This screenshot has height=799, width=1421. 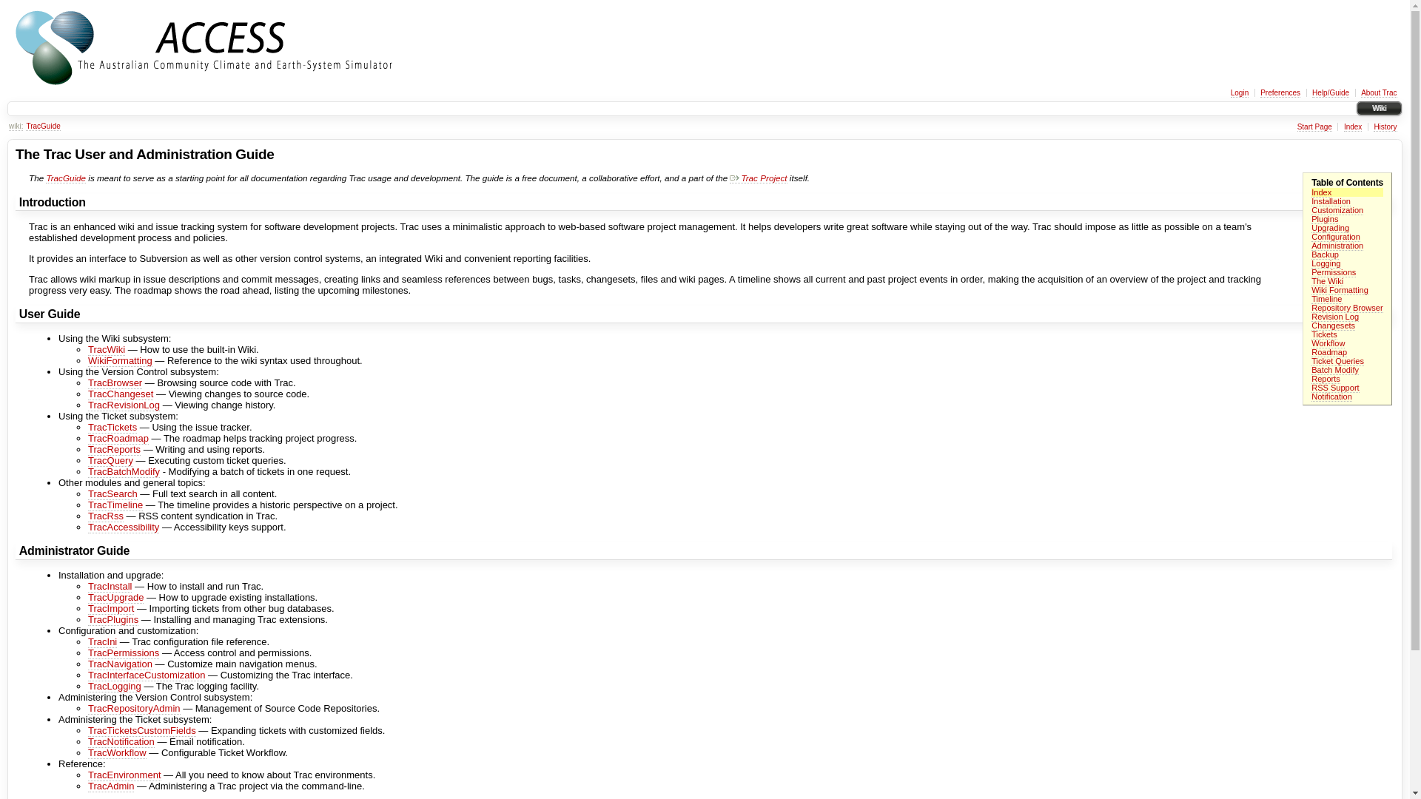 I want to click on 'Ticket Queries', so click(x=1337, y=361).